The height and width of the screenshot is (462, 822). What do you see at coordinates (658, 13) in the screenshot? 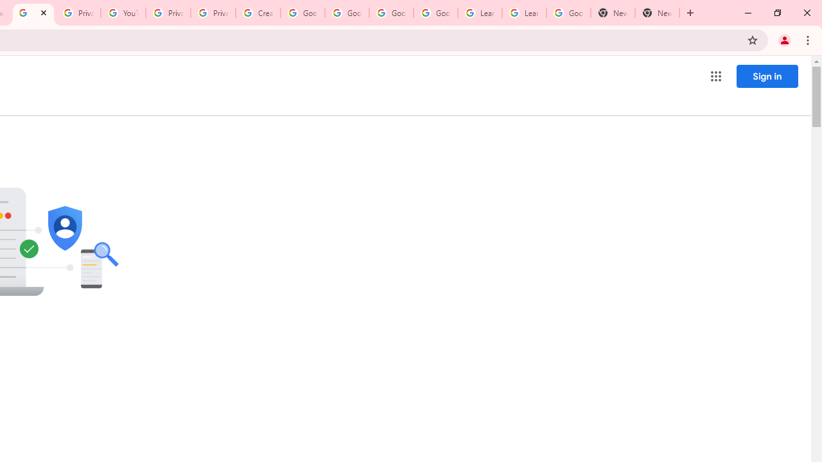
I see `'New Tab'` at bounding box center [658, 13].